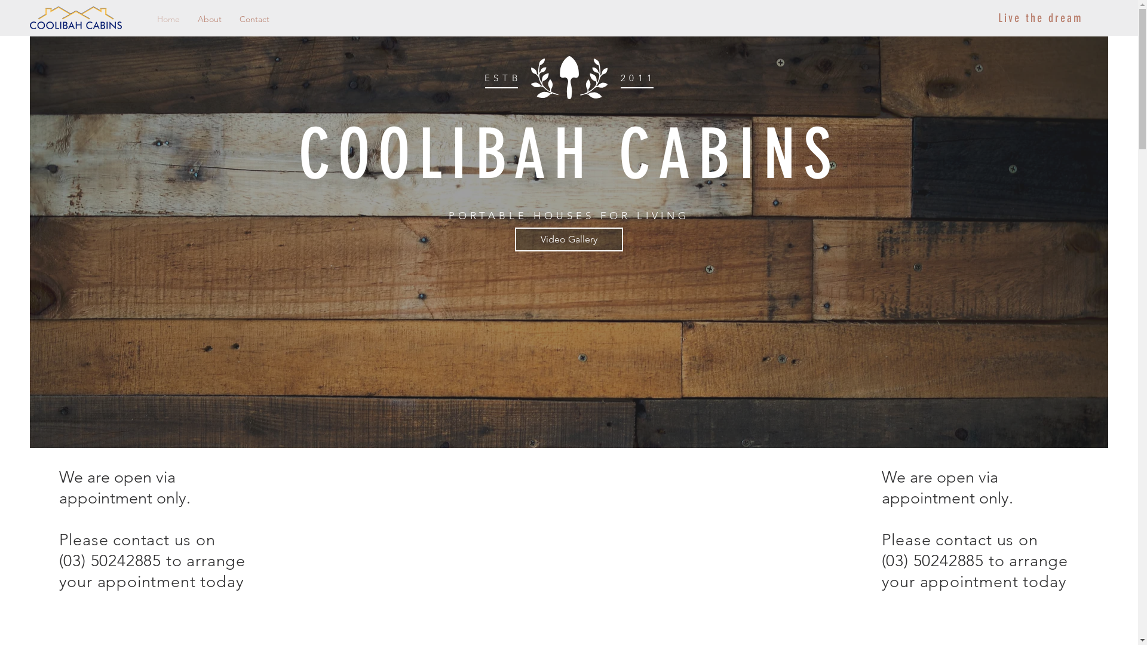  Describe the element at coordinates (254, 19) in the screenshot. I see `'Contact'` at that location.